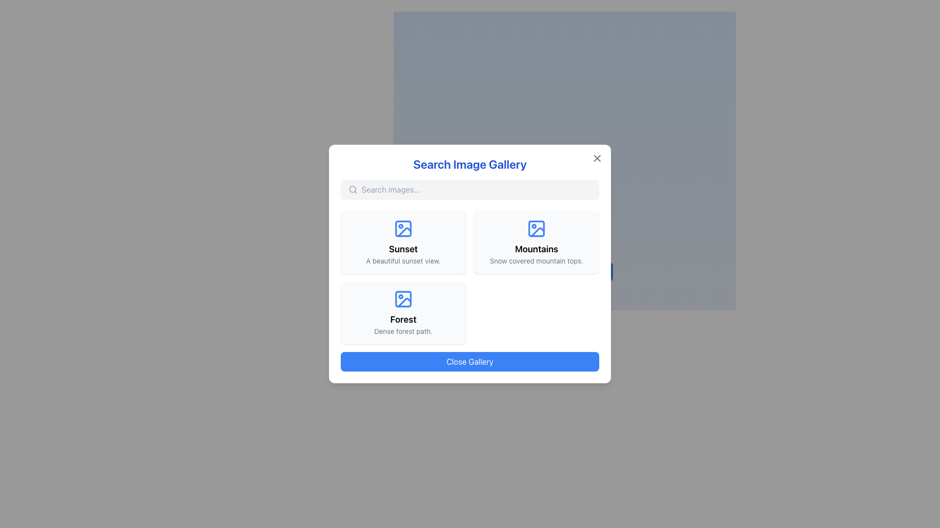  Describe the element at coordinates (403, 320) in the screenshot. I see `the text label that serves as the title for the selectable card representing the category 'Forest' in the image gallery` at that location.